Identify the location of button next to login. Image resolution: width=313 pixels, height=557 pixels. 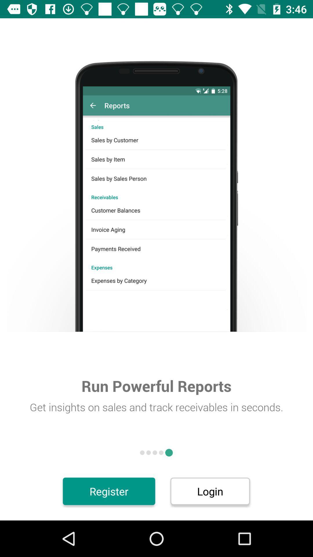
(109, 491).